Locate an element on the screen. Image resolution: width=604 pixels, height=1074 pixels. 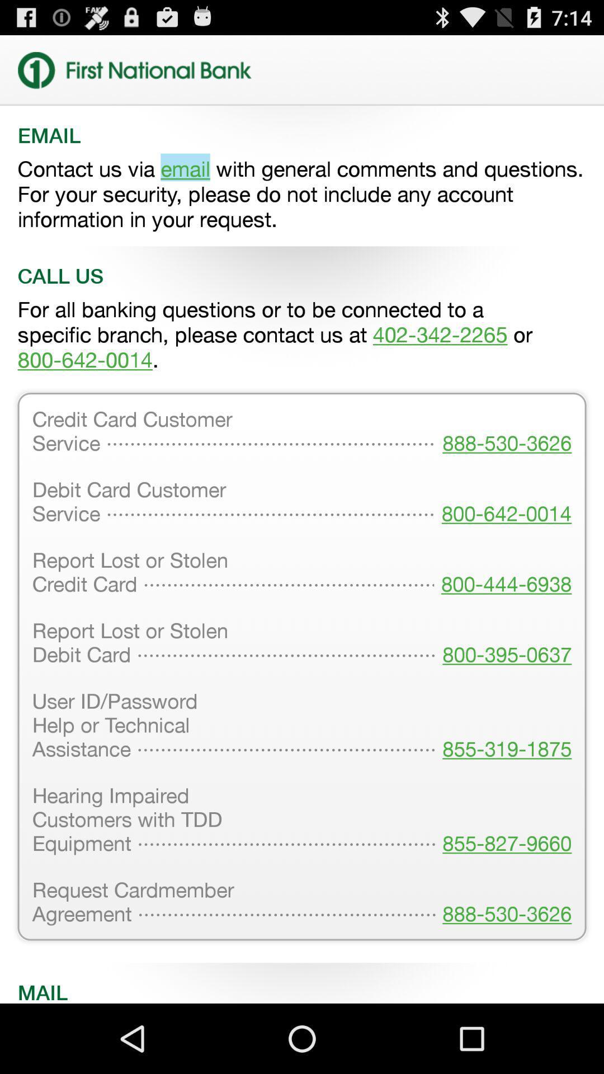
the for all banking item is located at coordinates (302, 334).